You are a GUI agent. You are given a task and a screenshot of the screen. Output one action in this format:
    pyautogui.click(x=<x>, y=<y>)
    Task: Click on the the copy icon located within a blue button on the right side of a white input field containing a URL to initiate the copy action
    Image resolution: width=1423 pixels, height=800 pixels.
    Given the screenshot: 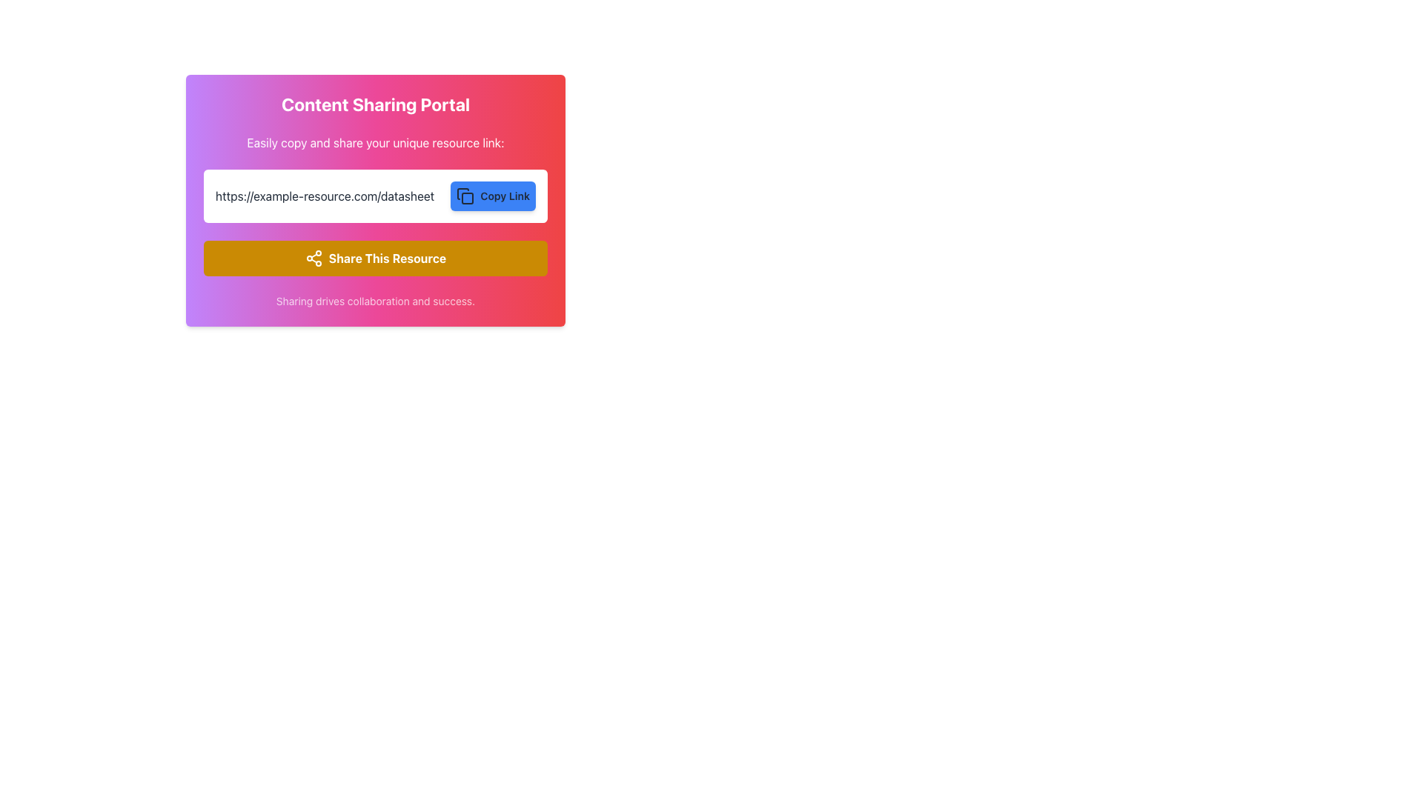 What is the action you would take?
    pyautogui.click(x=465, y=196)
    